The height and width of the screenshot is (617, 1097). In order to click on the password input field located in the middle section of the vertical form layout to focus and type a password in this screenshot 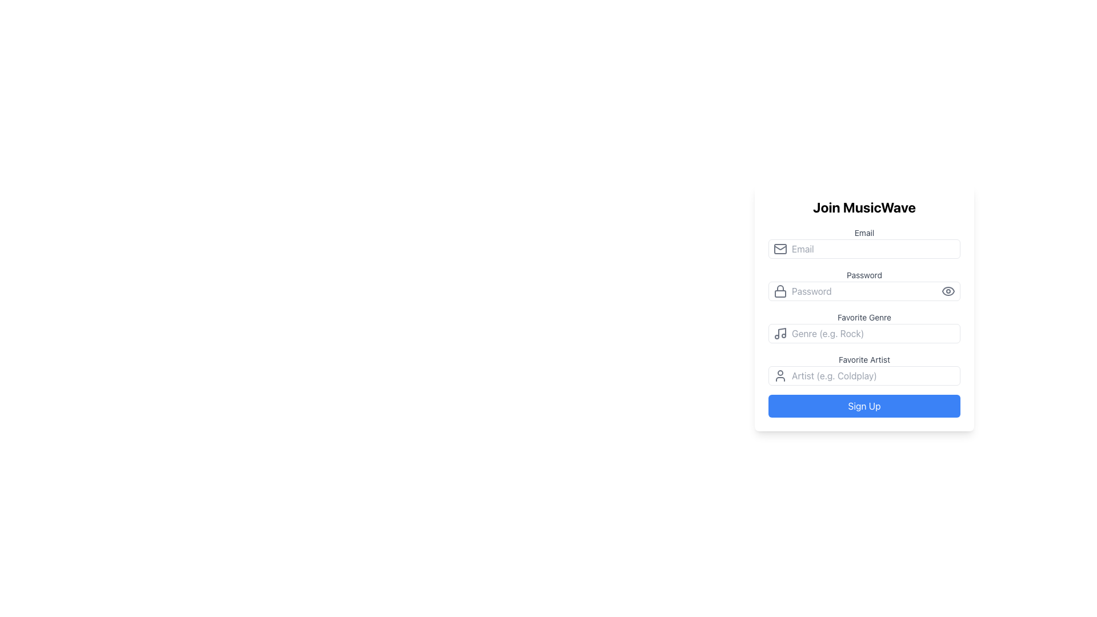, I will do `click(866, 290)`.